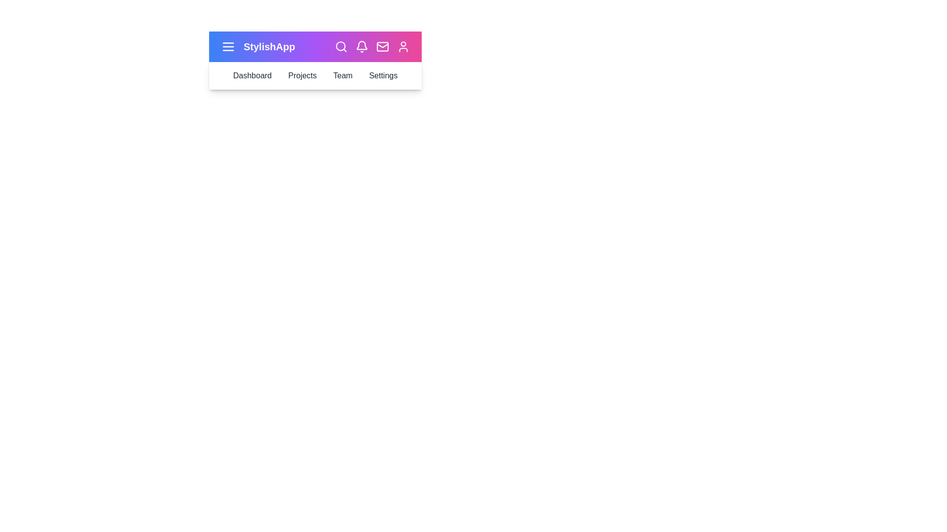  Describe the element at coordinates (403, 47) in the screenshot. I see `the user icon to open the user profile` at that location.